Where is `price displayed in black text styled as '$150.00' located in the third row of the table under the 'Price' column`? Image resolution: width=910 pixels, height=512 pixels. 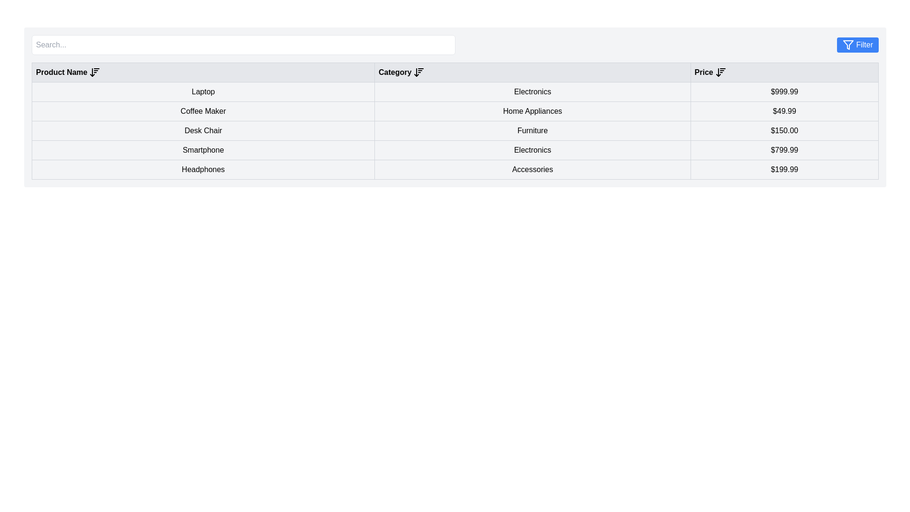
price displayed in black text styled as '$150.00' located in the third row of the table under the 'Price' column is located at coordinates (784, 131).